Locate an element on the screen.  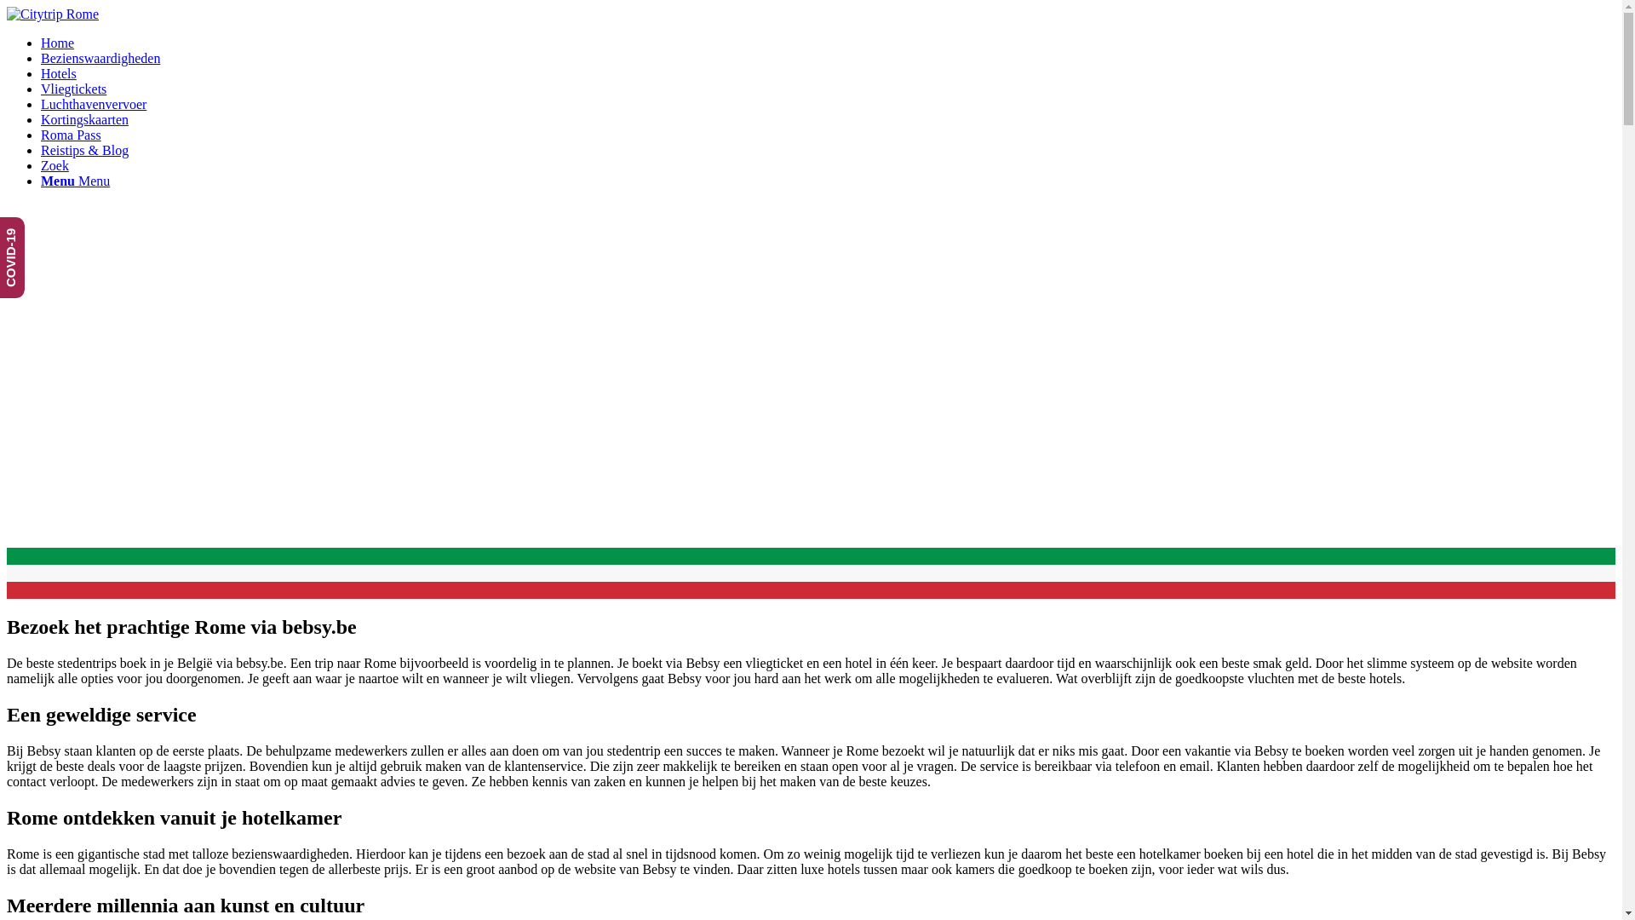
'Kortingskaarten' is located at coordinates (83, 118).